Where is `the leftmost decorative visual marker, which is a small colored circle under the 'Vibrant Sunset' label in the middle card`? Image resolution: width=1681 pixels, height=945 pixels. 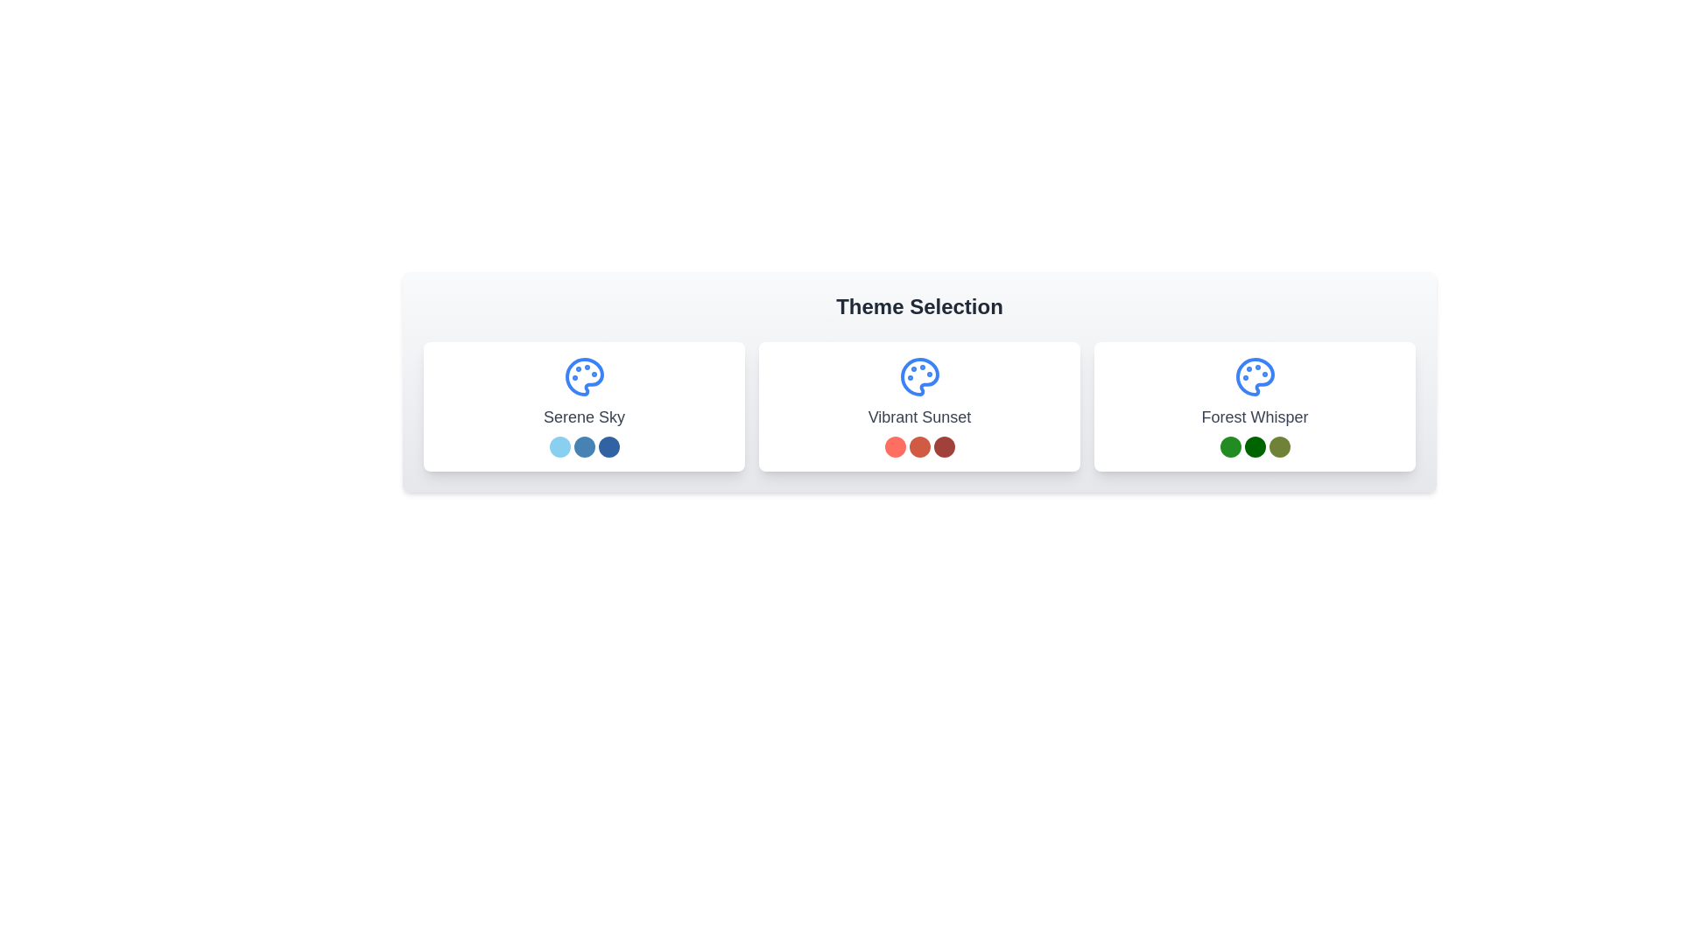 the leftmost decorative visual marker, which is a small colored circle under the 'Vibrant Sunset' label in the middle card is located at coordinates (895, 445).